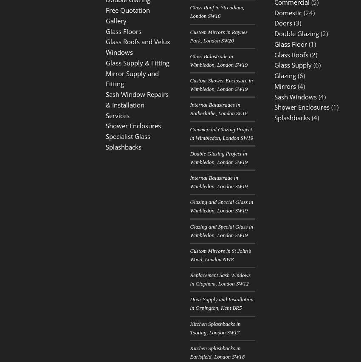 The height and width of the screenshot is (362, 361). What do you see at coordinates (105, 10) in the screenshot?
I see `'Free Quotation'` at bounding box center [105, 10].